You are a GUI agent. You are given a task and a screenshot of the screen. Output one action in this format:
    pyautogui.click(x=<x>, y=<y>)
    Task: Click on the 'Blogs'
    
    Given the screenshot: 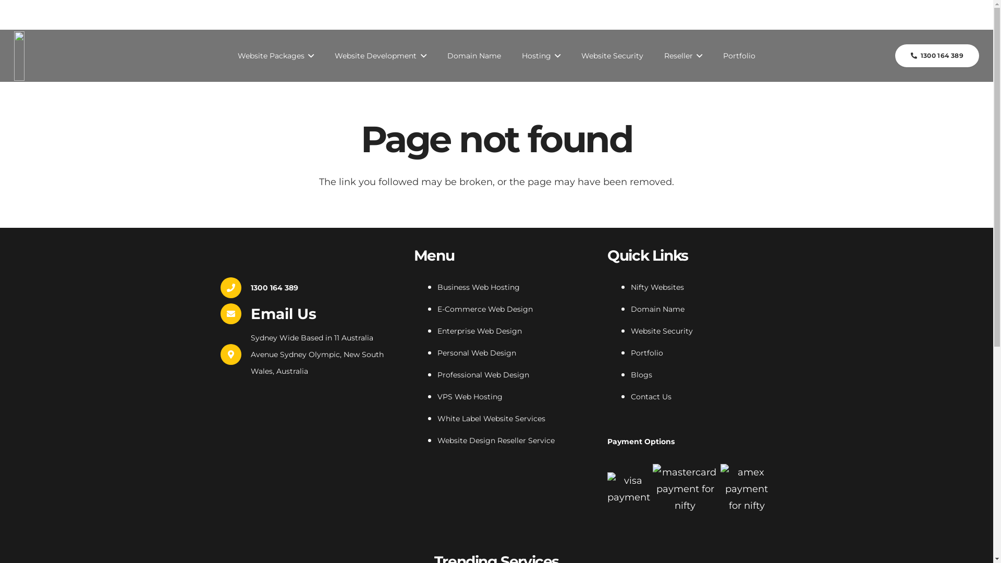 What is the action you would take?
    pyautogui.click(x=641, y=374)
    